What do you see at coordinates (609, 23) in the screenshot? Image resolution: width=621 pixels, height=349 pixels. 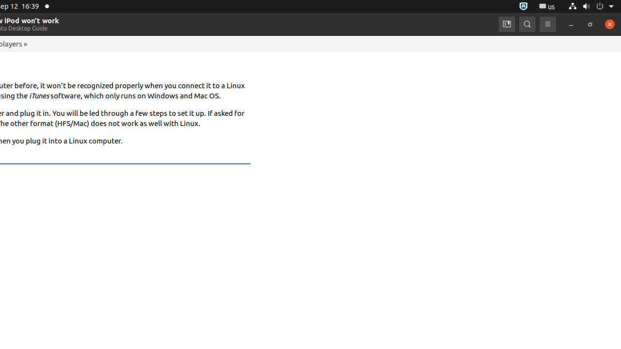 I see `'Close'` at bounding box center [609, 23].